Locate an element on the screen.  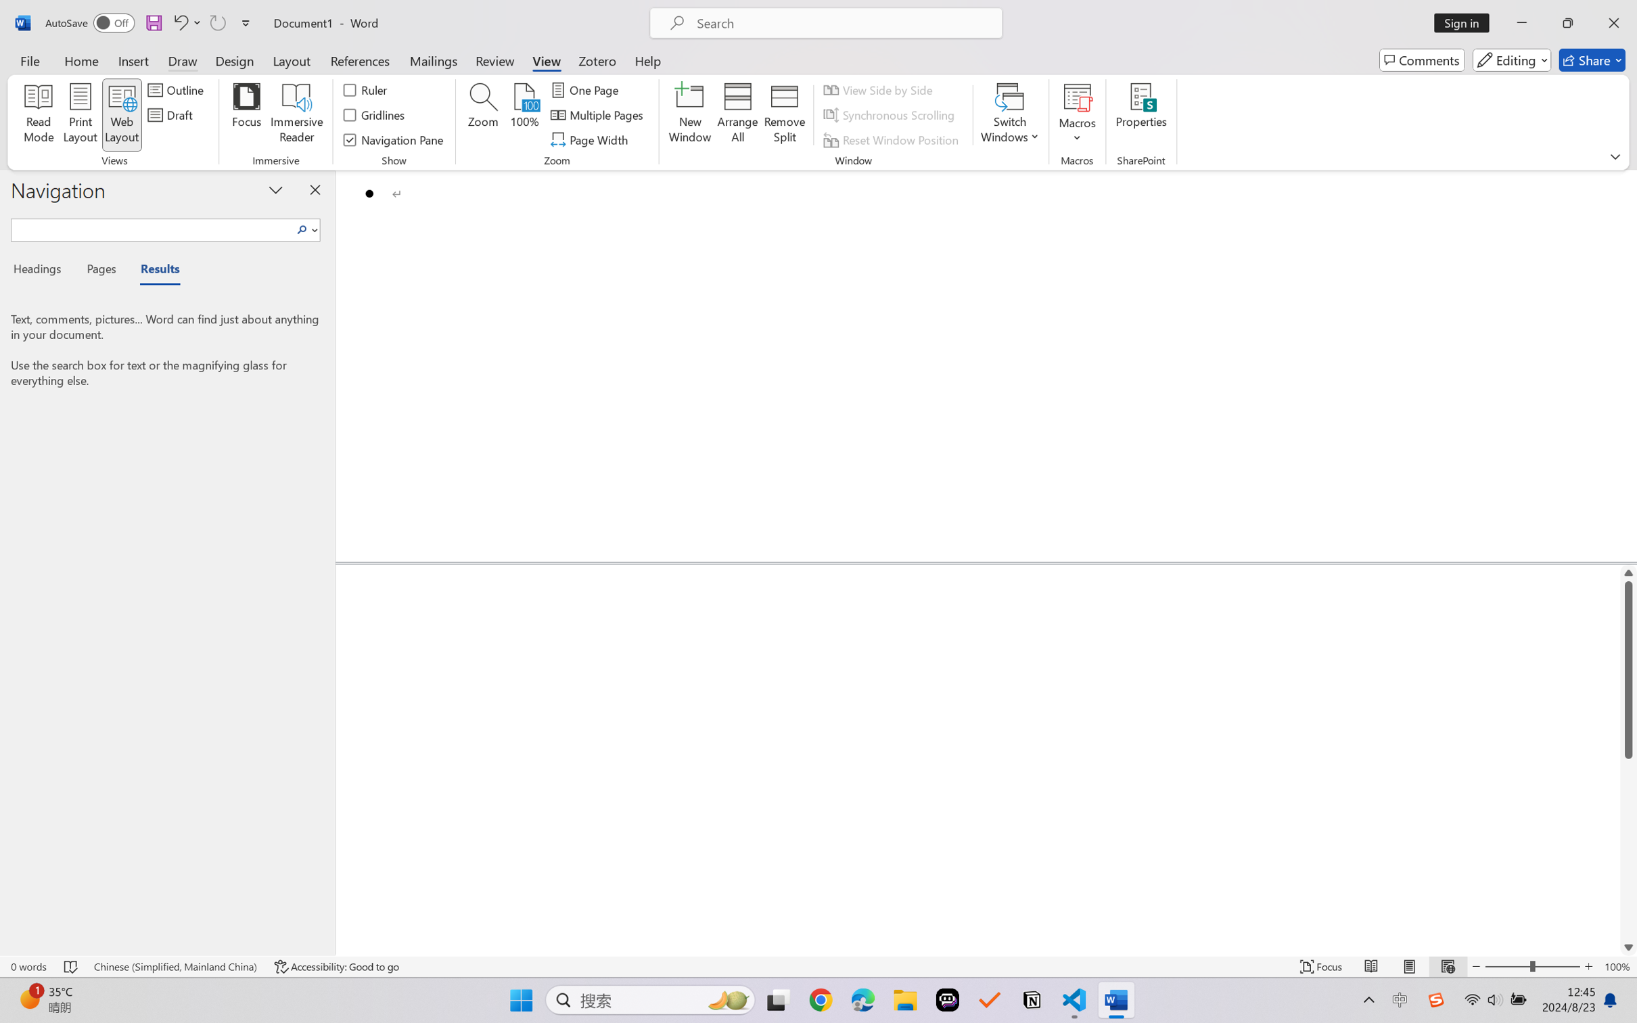
'New Window' is located at coordinates (690, 115).